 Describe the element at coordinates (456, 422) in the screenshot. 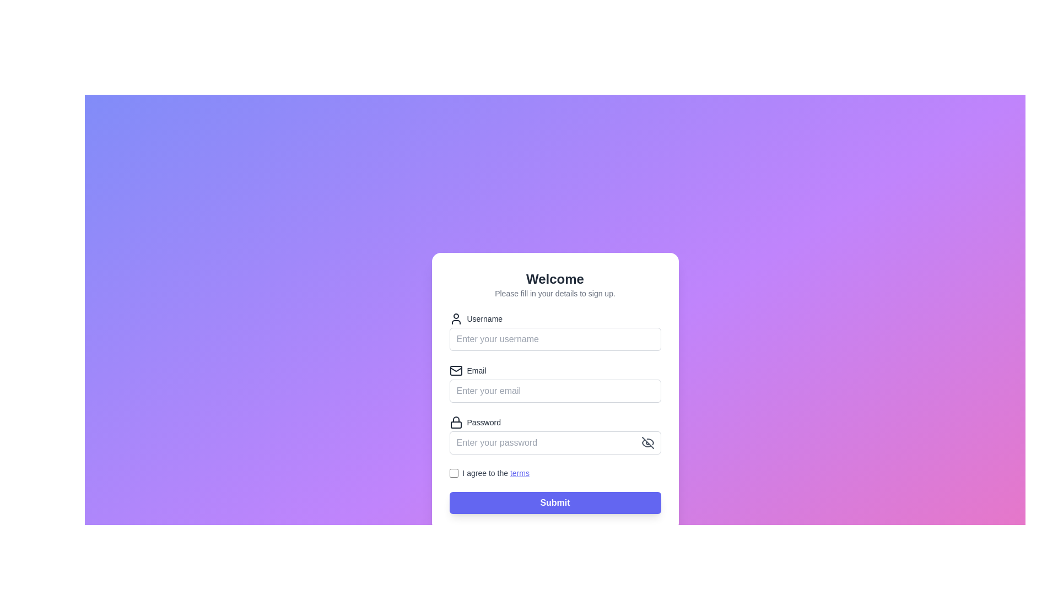

I see `the lock icon located to the left of the 'Password' label in the password section of the form` at that location.